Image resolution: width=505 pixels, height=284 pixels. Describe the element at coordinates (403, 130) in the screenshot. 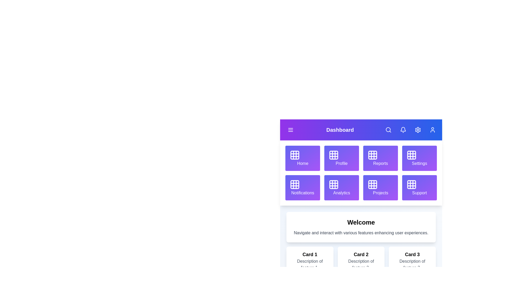

I see `the bell icon to view notifications` at that location.